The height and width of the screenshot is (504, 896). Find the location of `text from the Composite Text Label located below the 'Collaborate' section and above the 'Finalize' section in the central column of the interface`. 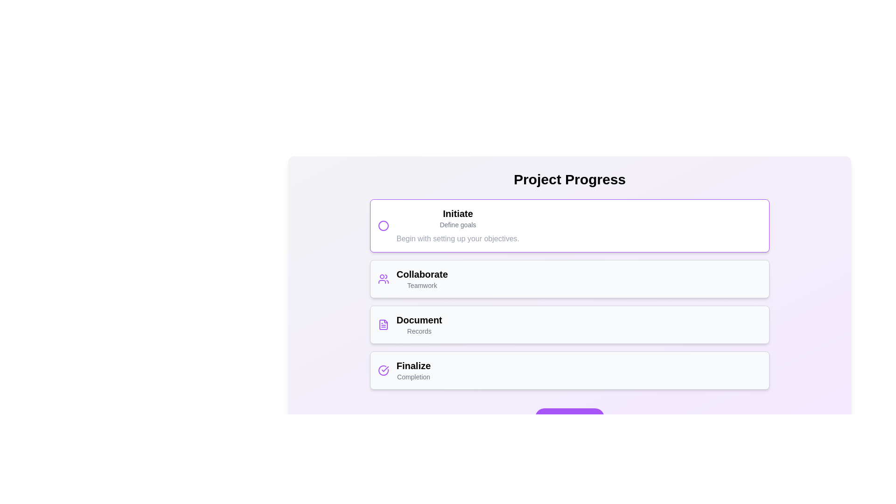

text from the Composite Text Label located below the 'Collaborate' section and above the 'Finalize' section in the central column of the interface is located at coordinates (419, 324).